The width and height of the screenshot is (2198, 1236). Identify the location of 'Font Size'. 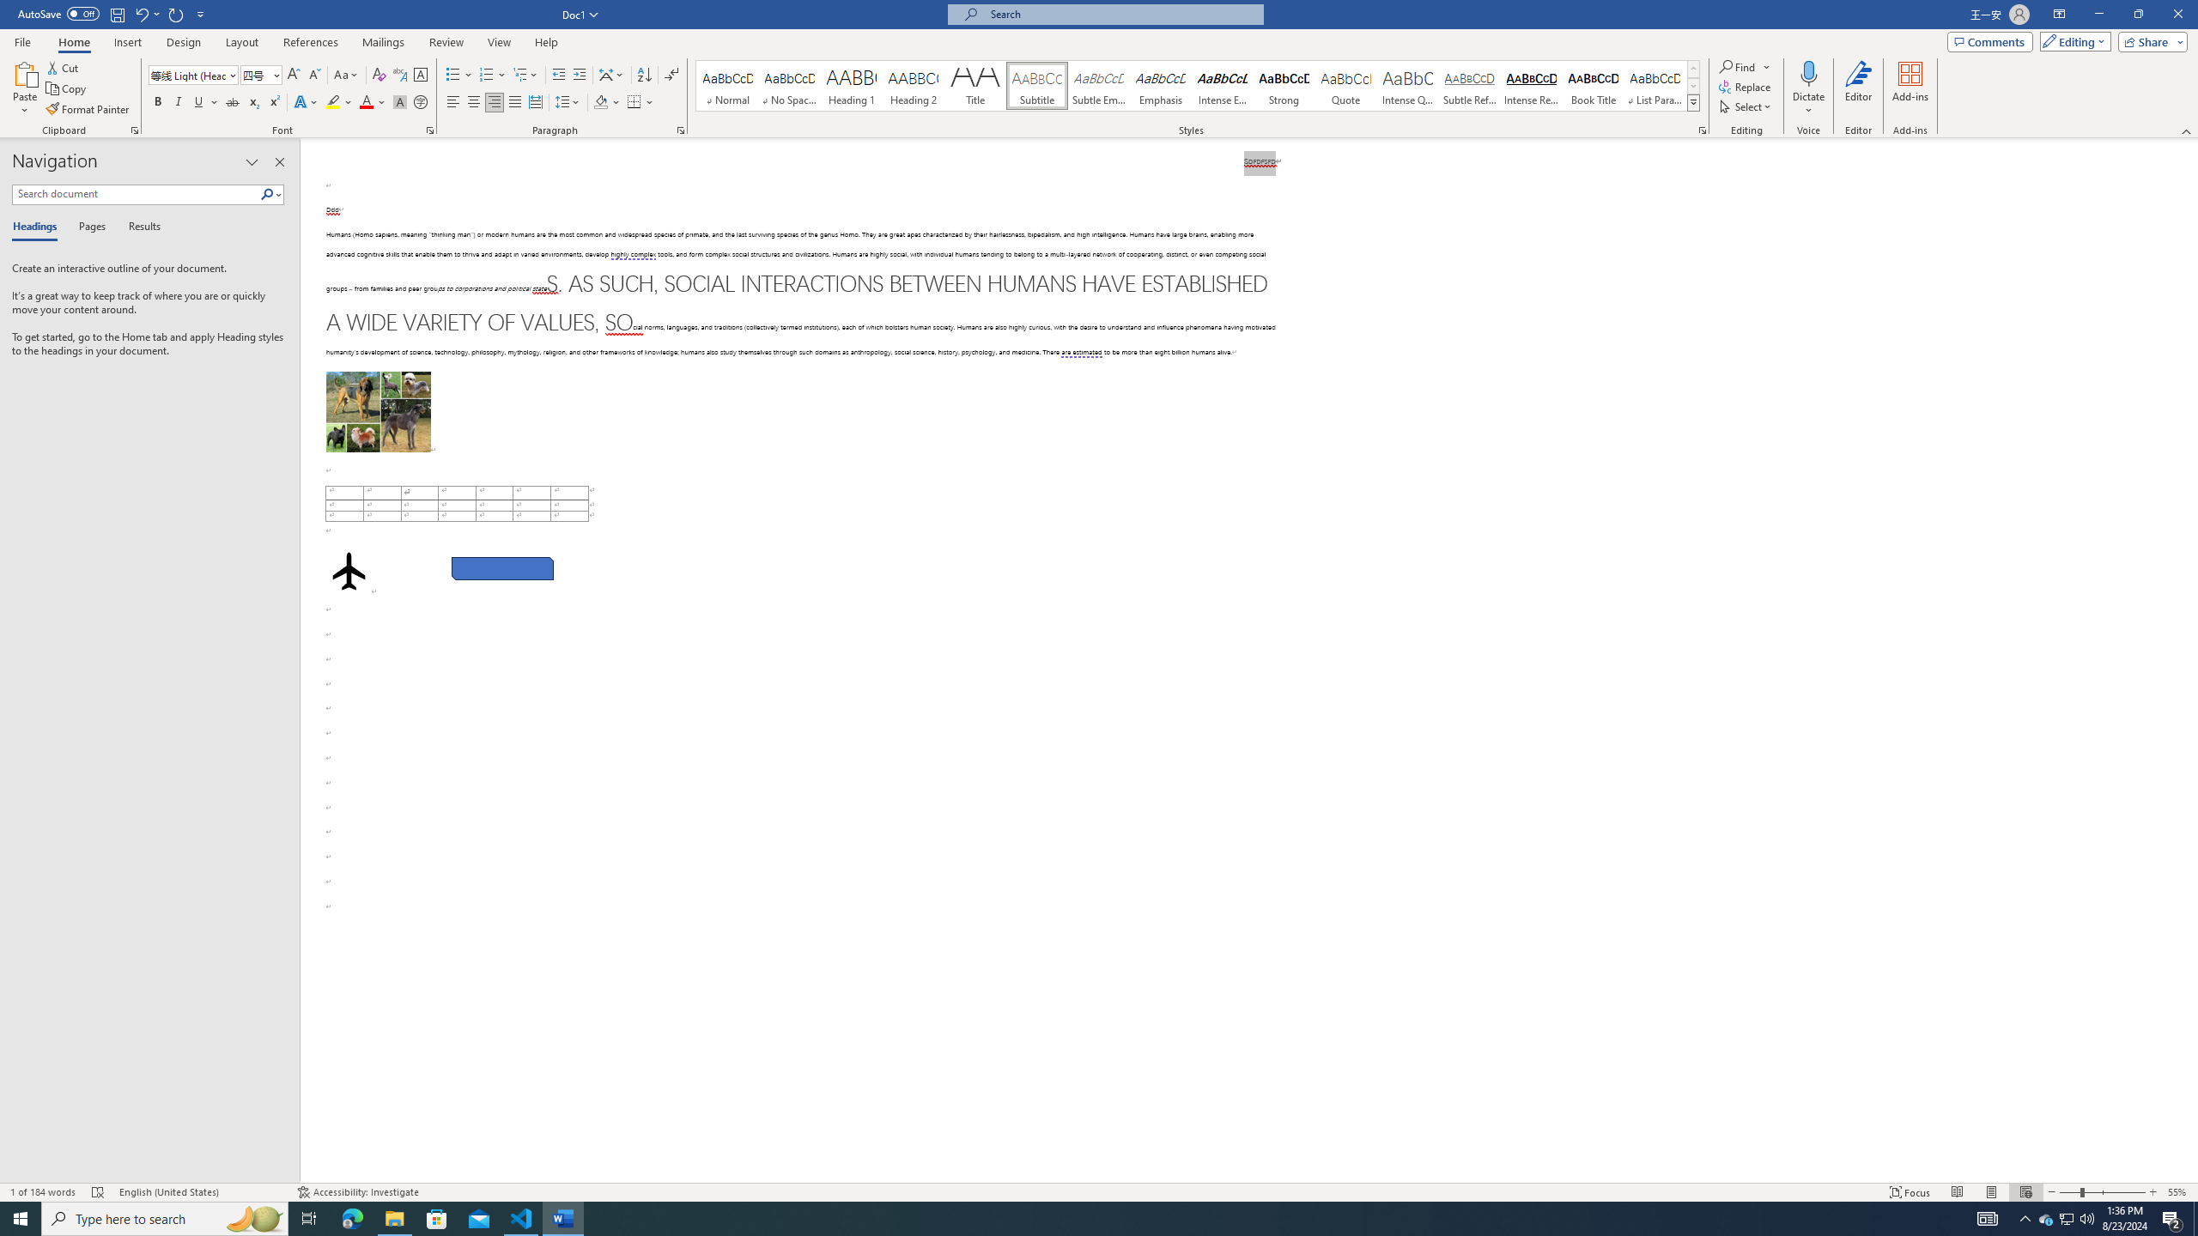
(255, 75).